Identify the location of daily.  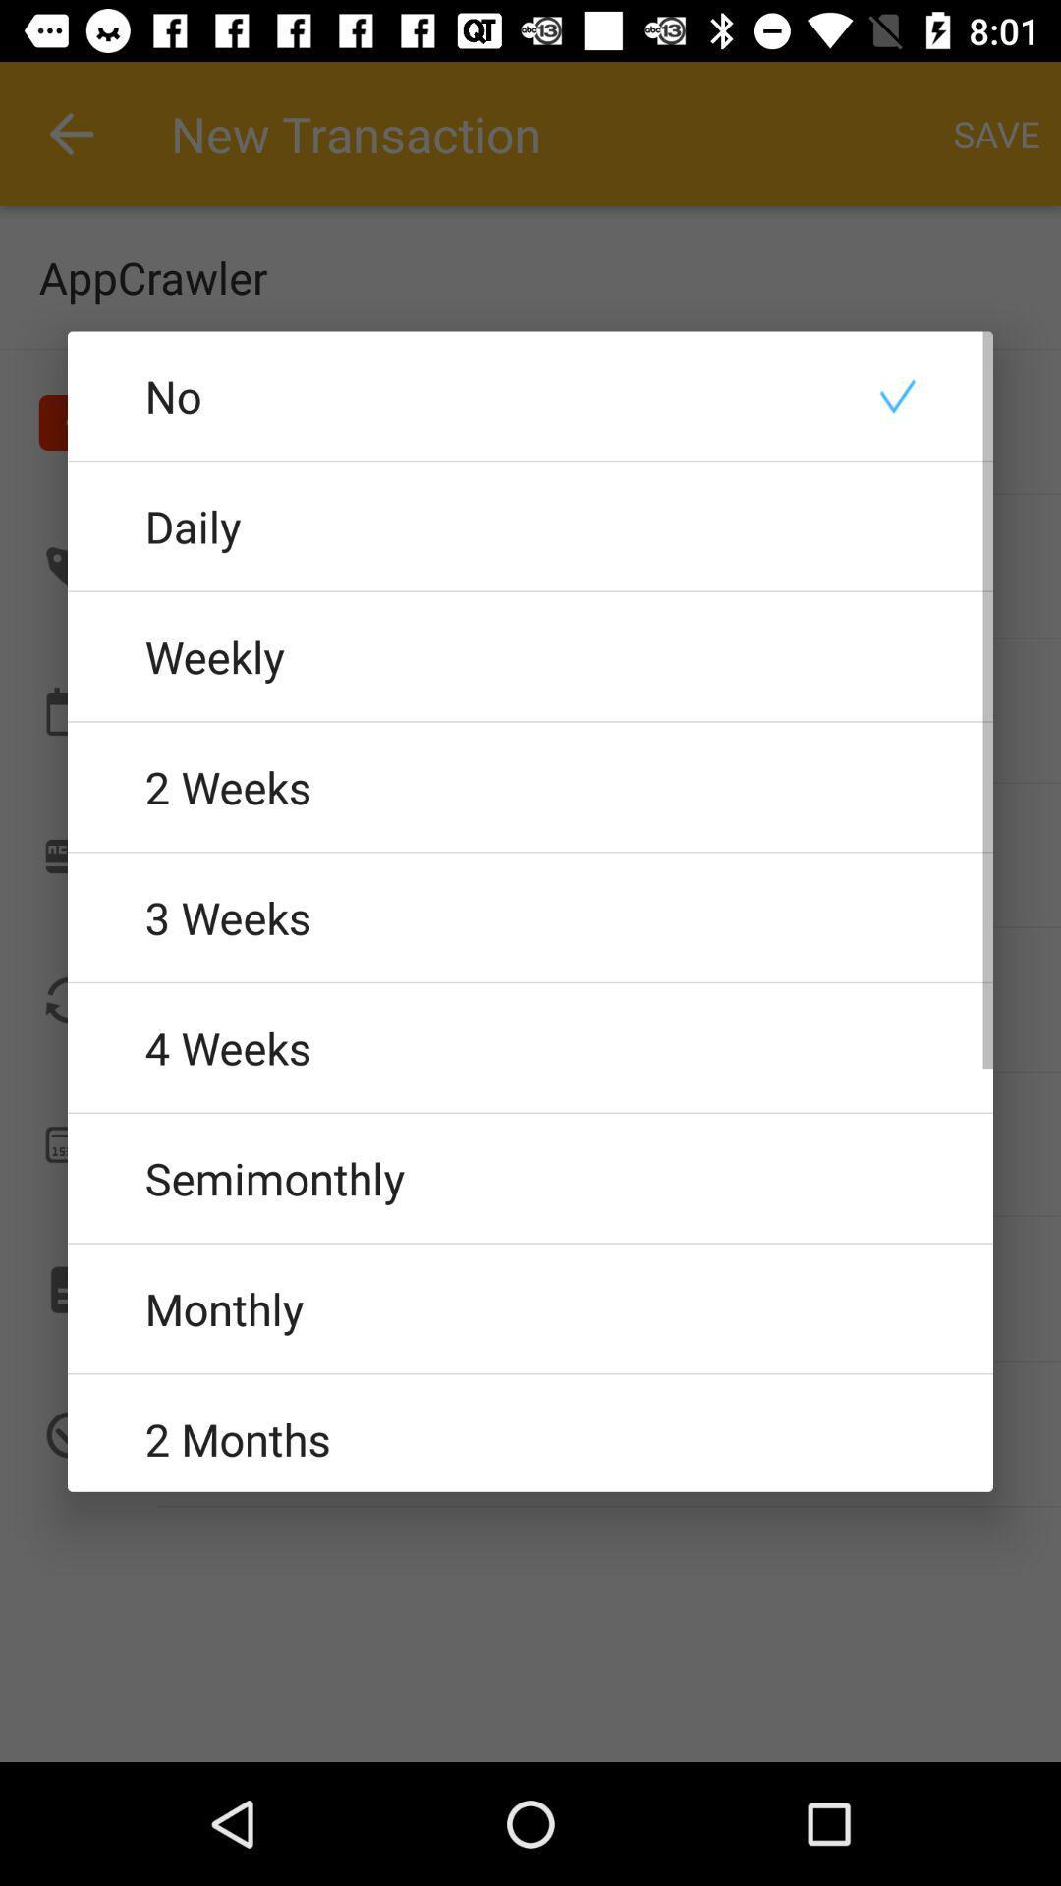
(530, 526).